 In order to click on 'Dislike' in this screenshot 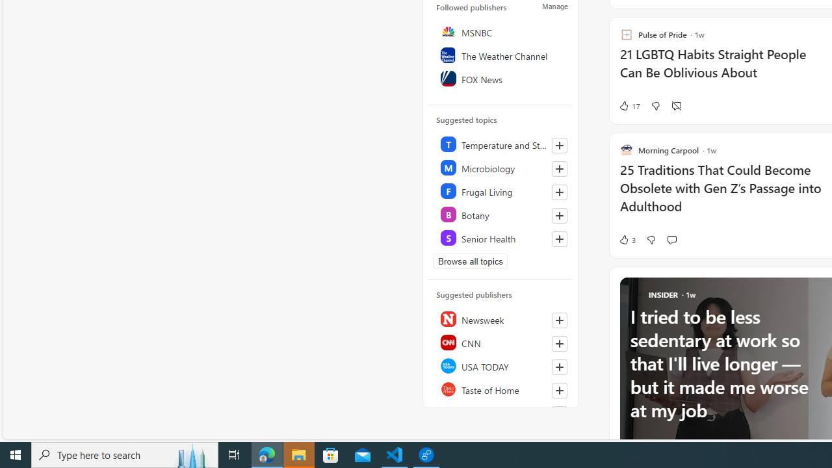, I will do `click(651, 239)`.